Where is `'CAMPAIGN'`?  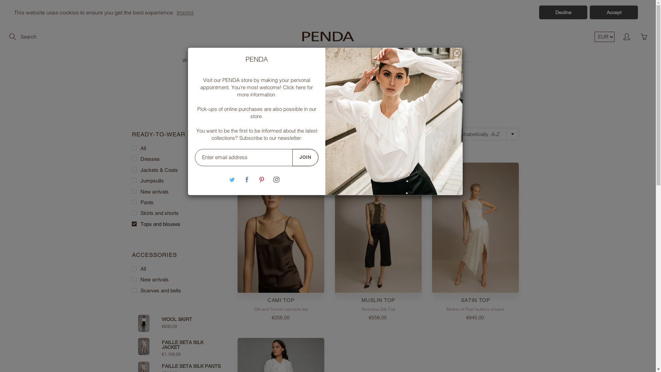
'CAMPAIGN' is located at coordinates (258, 60).